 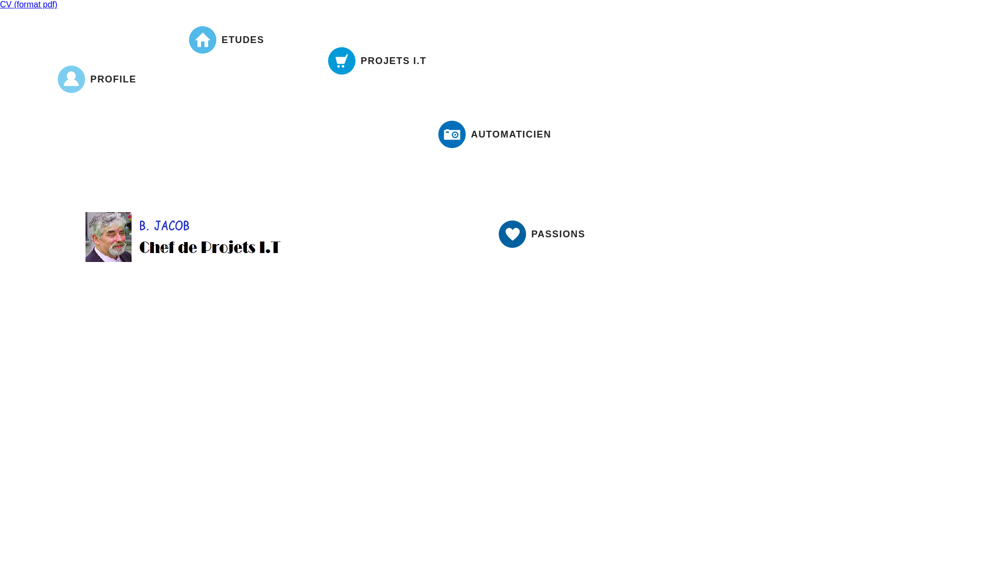 What do you see at coordinates (28, 4) in the screenshot?
I see `'CV (format pdf)'` at bounding box center [28, 4].